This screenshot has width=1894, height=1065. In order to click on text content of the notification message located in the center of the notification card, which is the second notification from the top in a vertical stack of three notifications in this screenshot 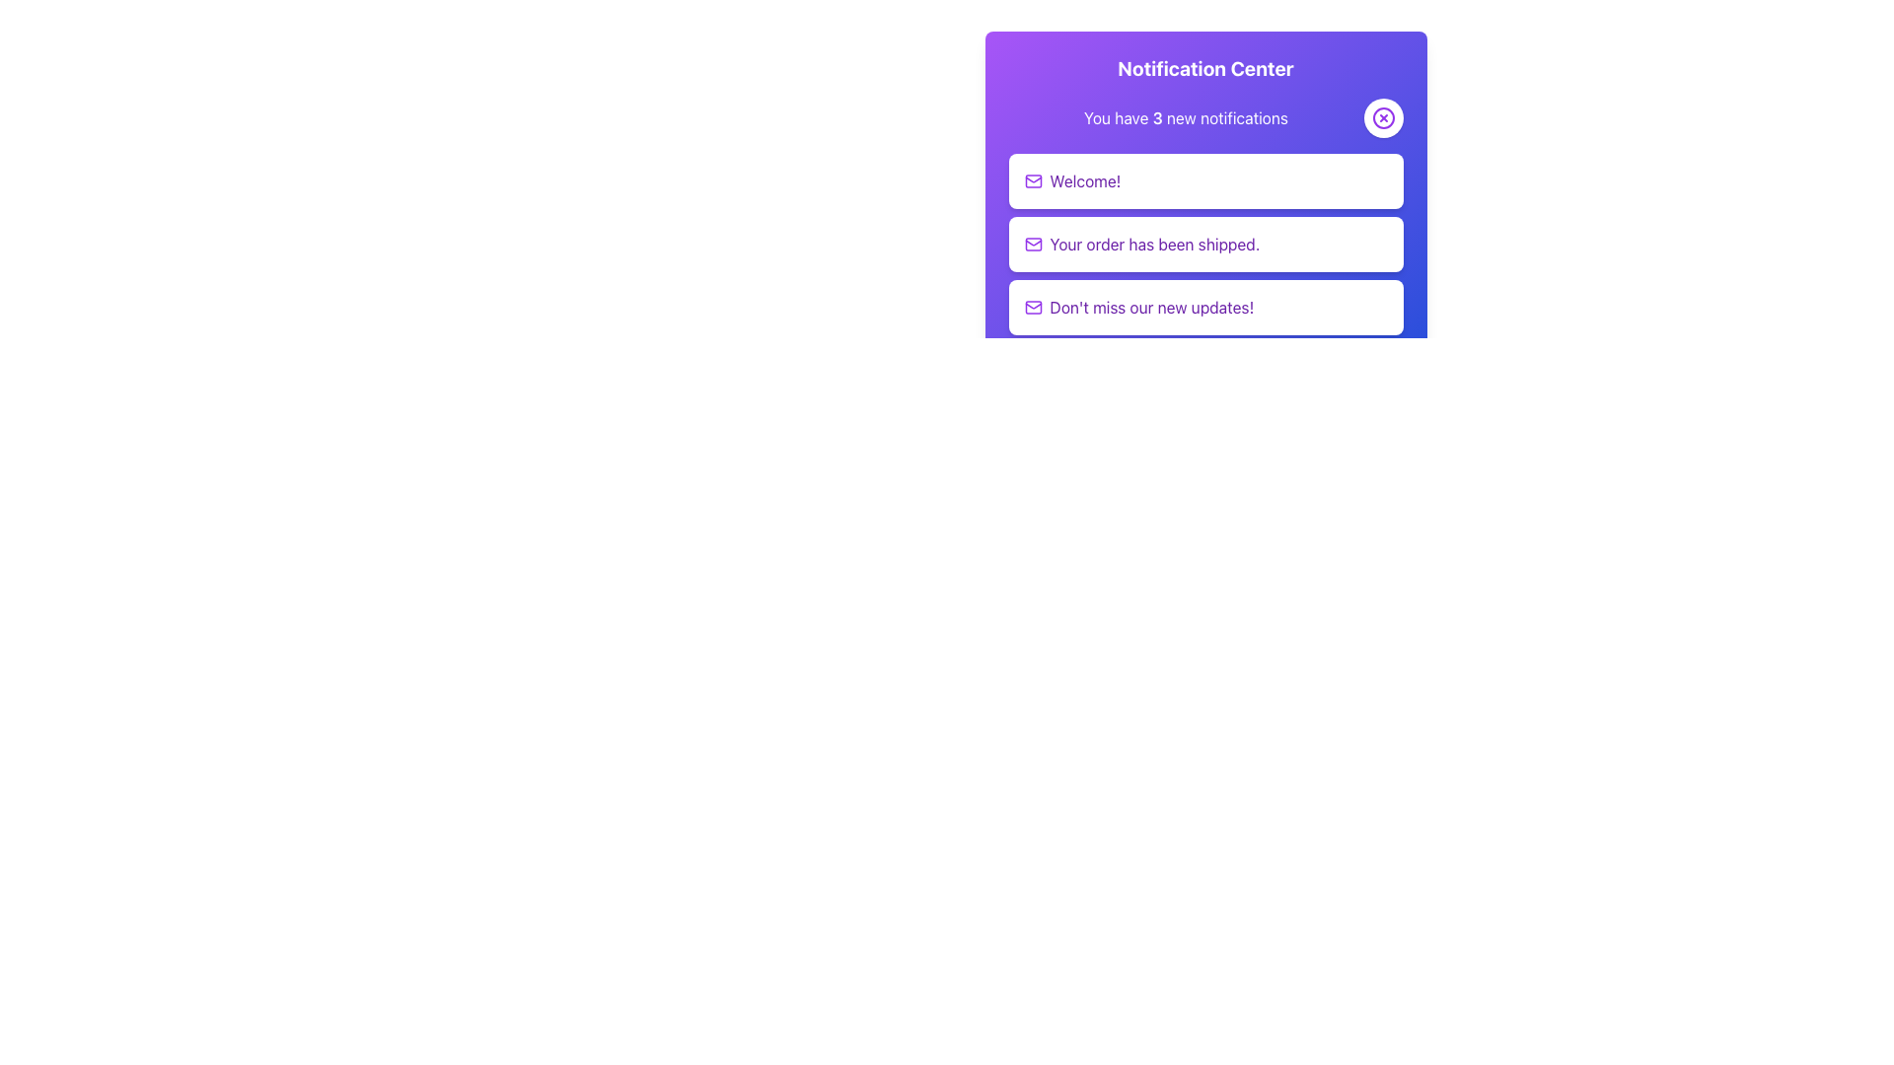, I will do `click(1154, 243)`.